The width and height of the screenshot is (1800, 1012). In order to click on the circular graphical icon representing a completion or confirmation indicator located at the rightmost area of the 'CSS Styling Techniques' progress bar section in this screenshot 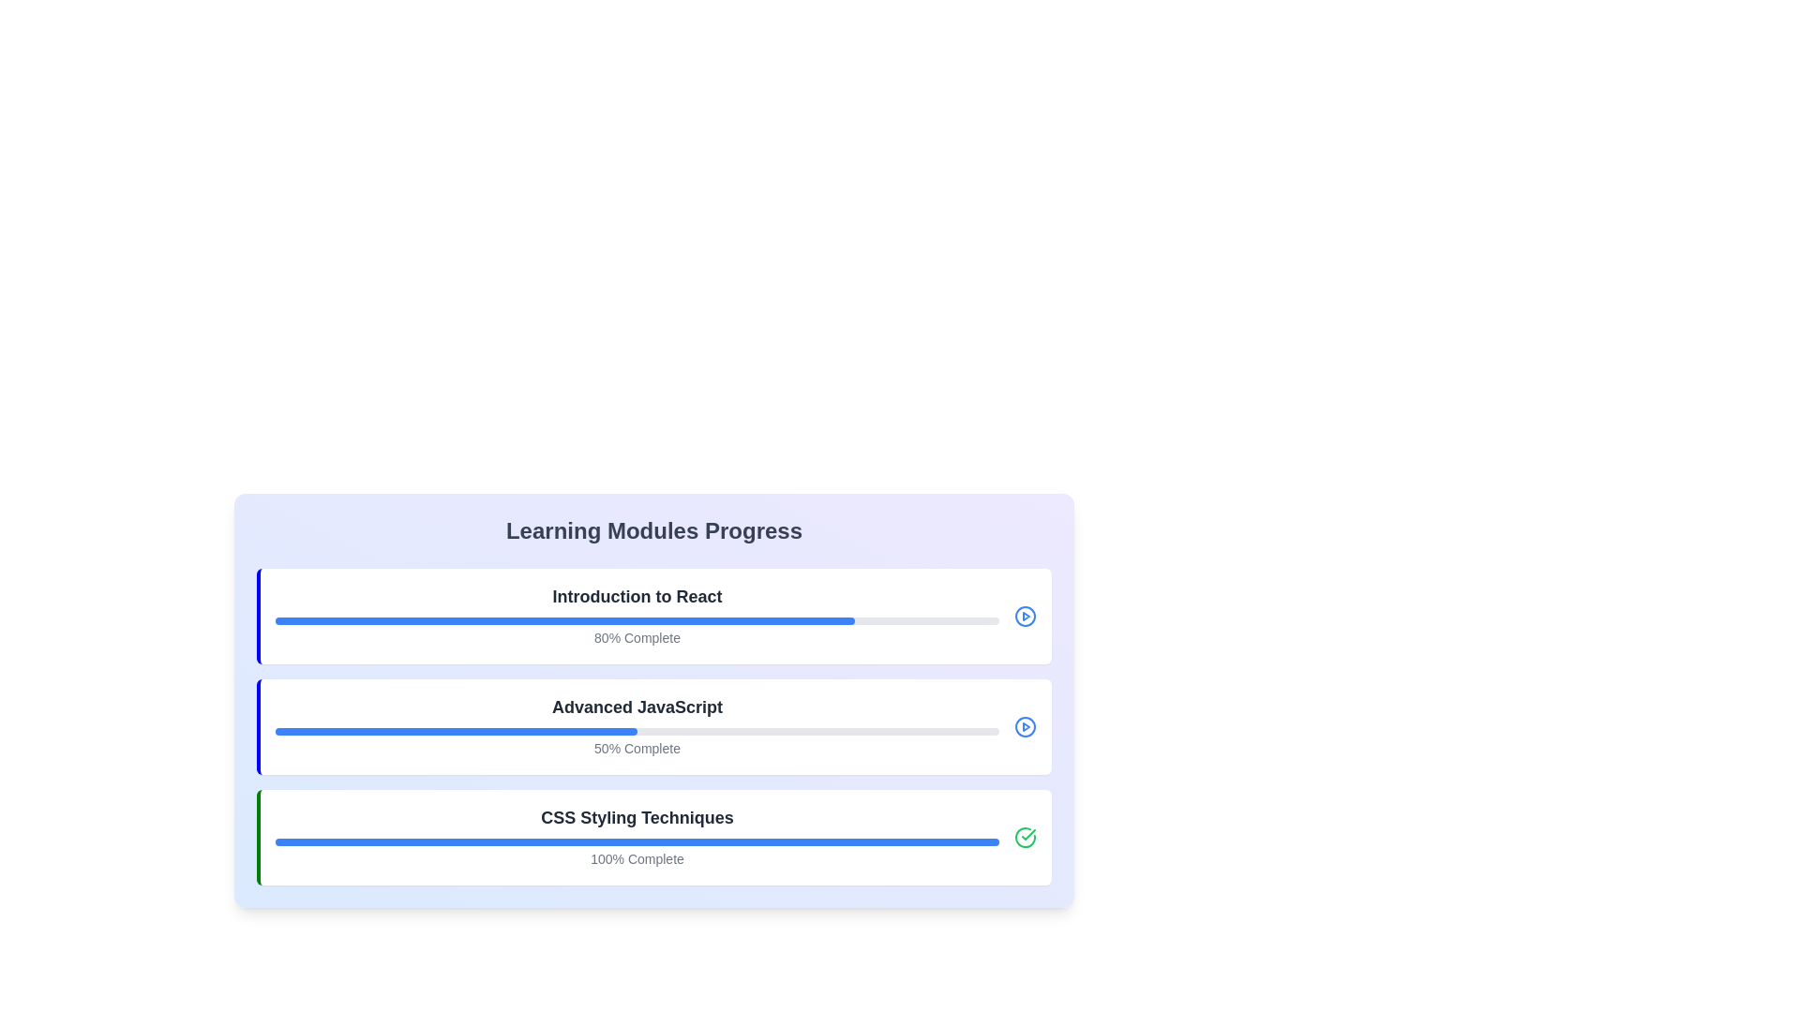, I will do `click(1025, 837)`.